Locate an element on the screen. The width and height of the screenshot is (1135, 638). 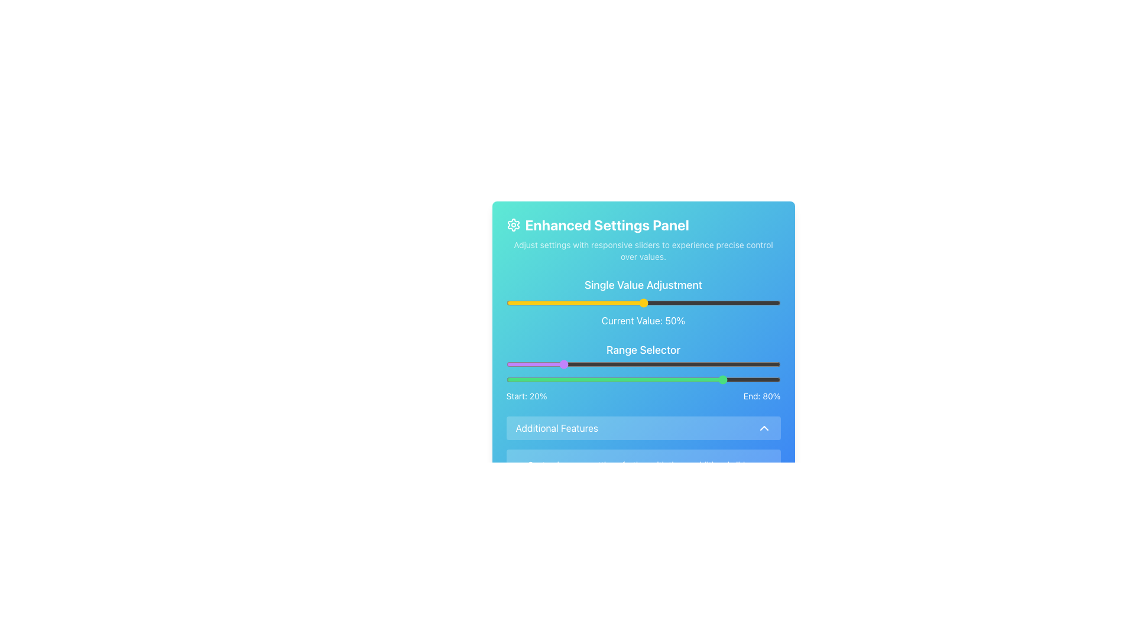
the range slider is located at coordinates (506, 364).